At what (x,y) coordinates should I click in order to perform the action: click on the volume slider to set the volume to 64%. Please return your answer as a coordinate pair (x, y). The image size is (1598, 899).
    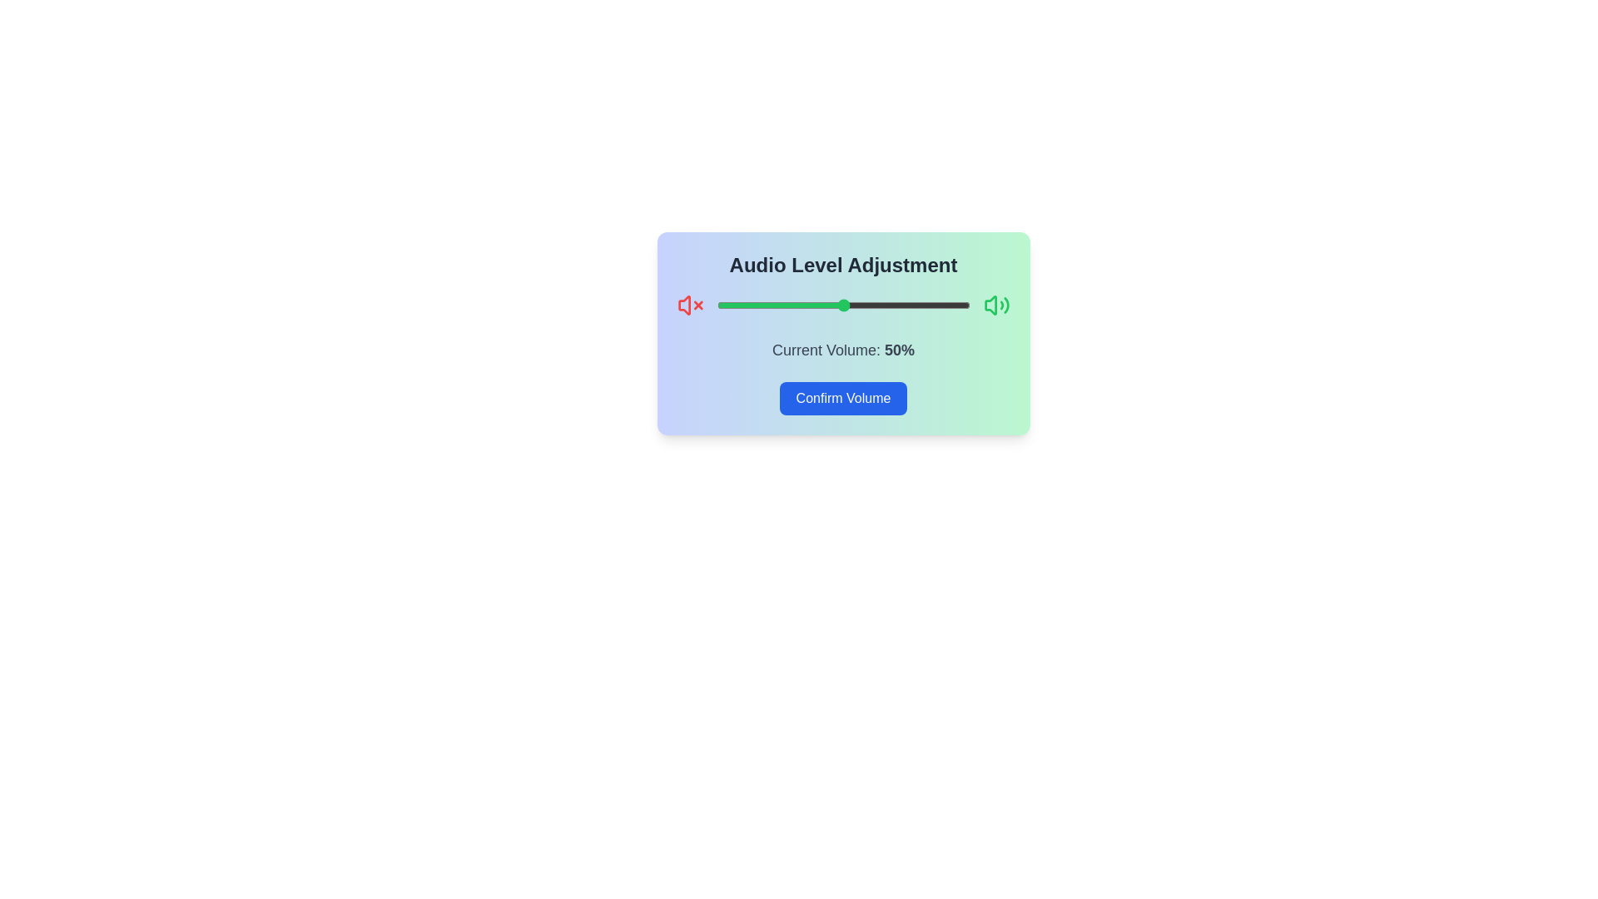
    Looking at the image, I should click on (878, 305).